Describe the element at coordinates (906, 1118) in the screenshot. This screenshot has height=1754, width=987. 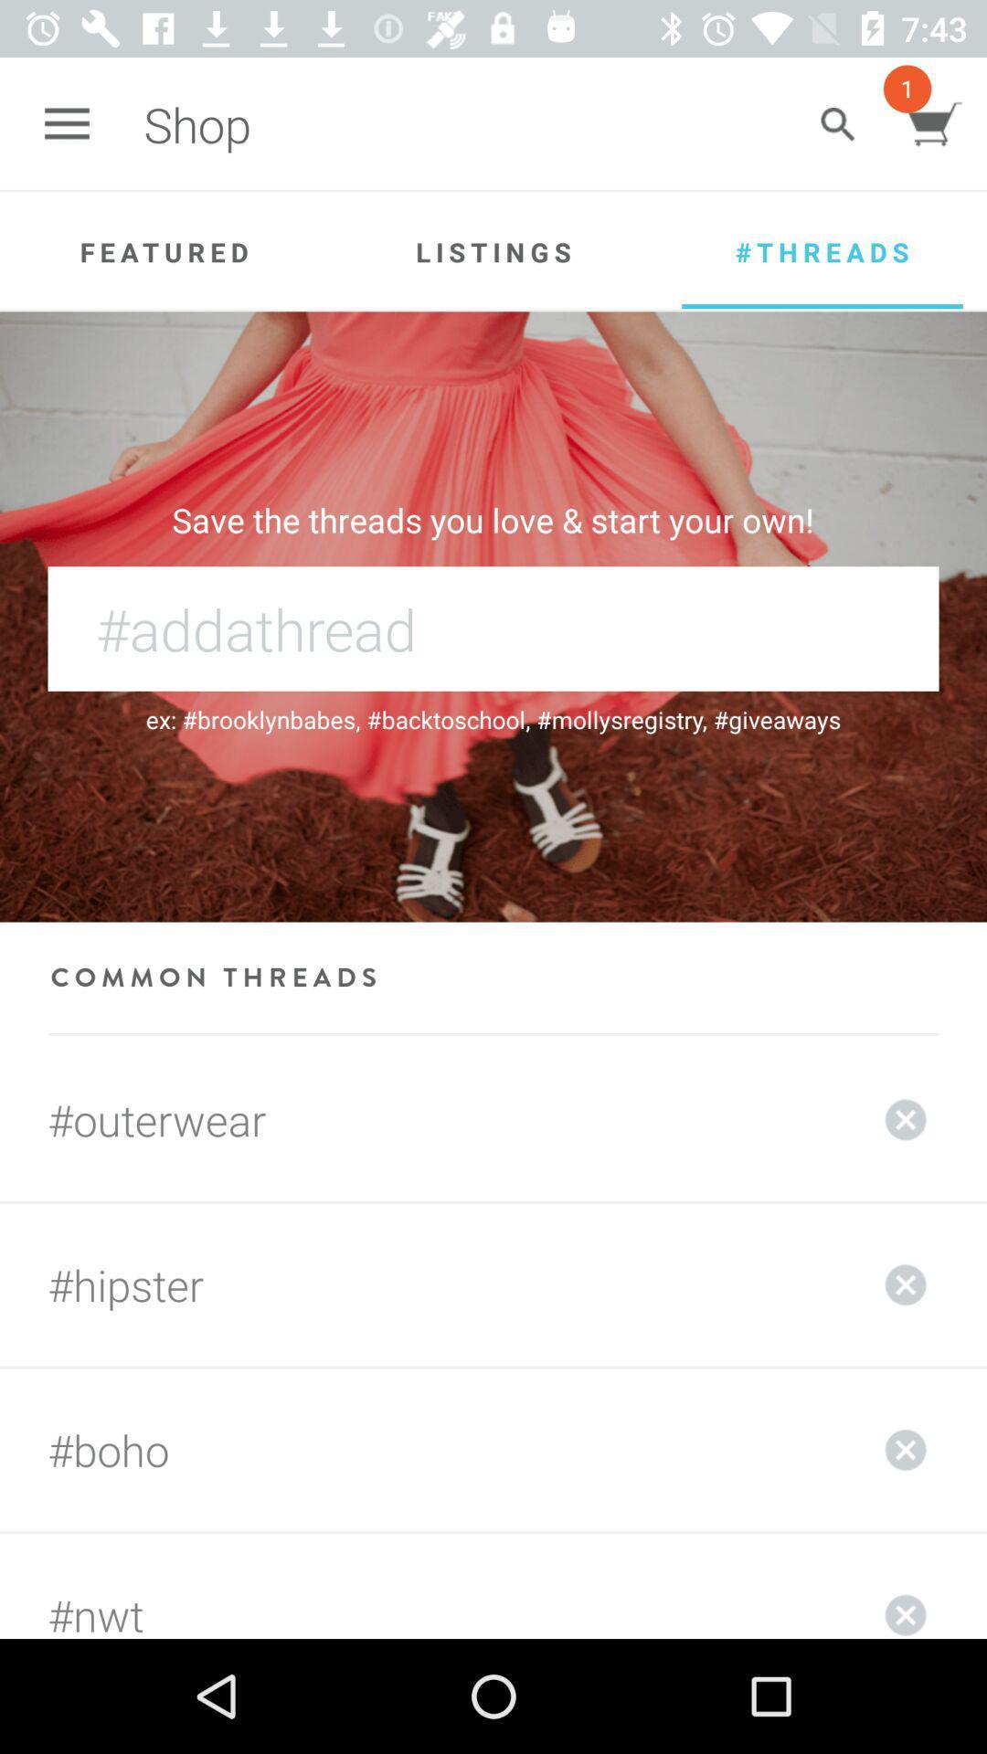
I see `the content` at that location.